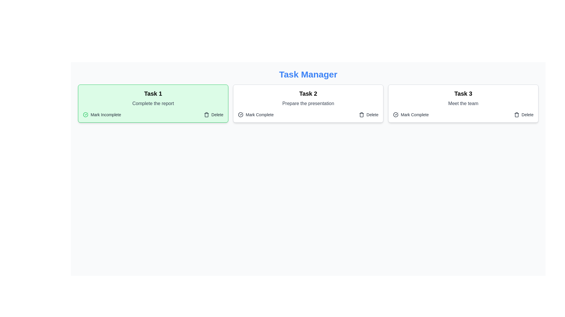 The height and width of the screenshot is (317, 565). I want to click on the static text label that provides a description for 'Task 3', which is centrally located beneath the task title and above action links, so click(463, 103).